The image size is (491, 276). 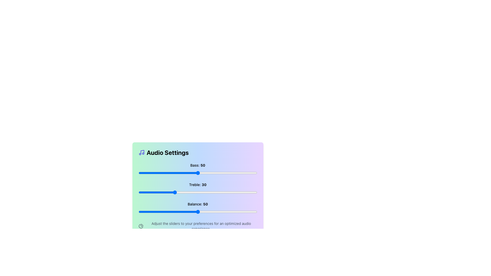 What do you see at coordinates (176, 173) in the screenshot?
I see `the bass level` at bounding box center [176, 173].